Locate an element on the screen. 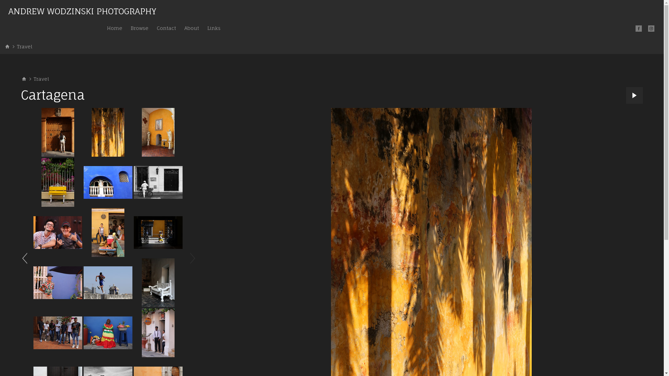  'Browse' is located at coordinates (139, 28).